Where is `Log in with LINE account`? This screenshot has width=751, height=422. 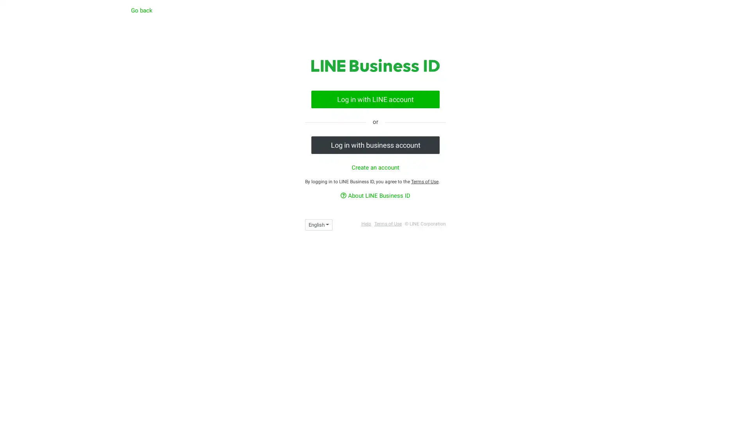 Log in with LINE account is located at coordinates (375, 98).